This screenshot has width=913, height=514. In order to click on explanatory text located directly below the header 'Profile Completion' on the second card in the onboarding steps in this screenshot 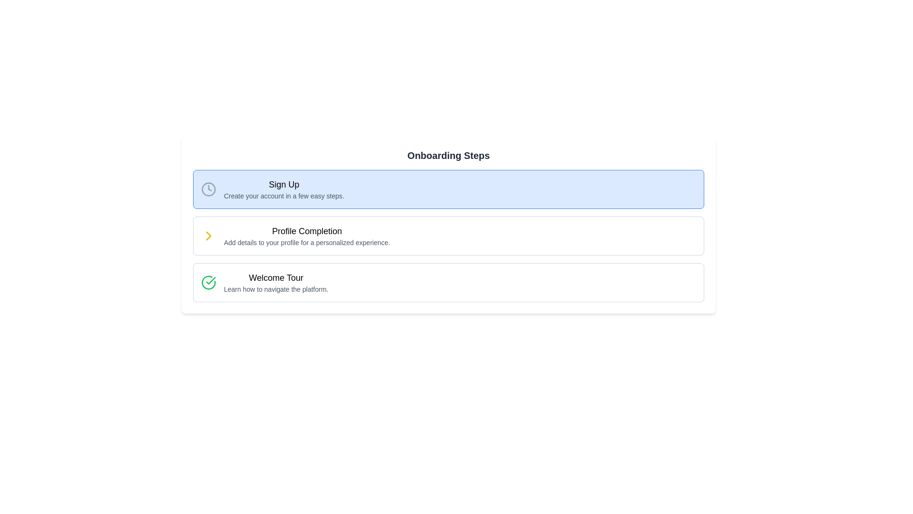, I will do `click(307, 242)`.